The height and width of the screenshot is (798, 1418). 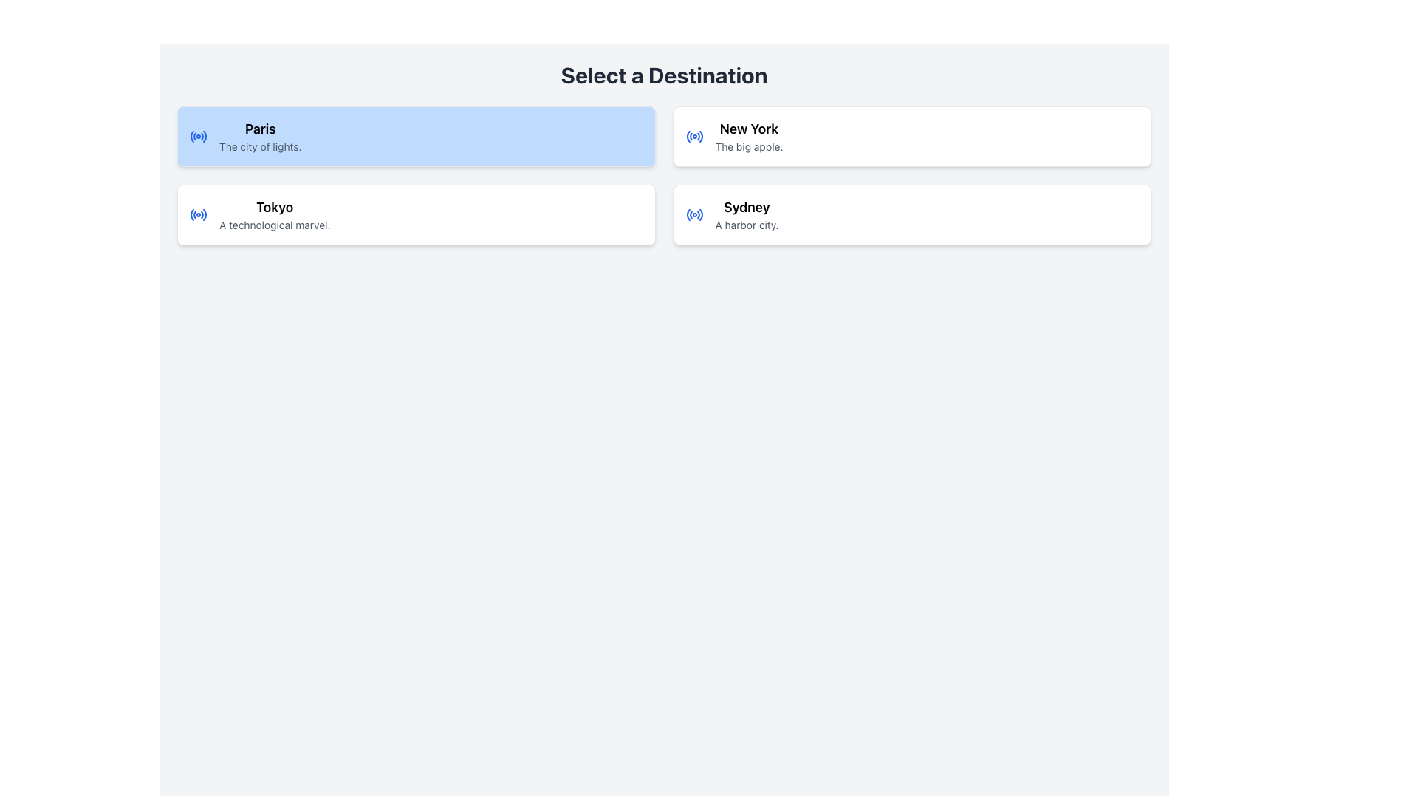 I want to click on the blue circular radio icon located to the left of the text 'Sydney' within the 'Sydney' selection card for interaction, so click(x=693, y=214).